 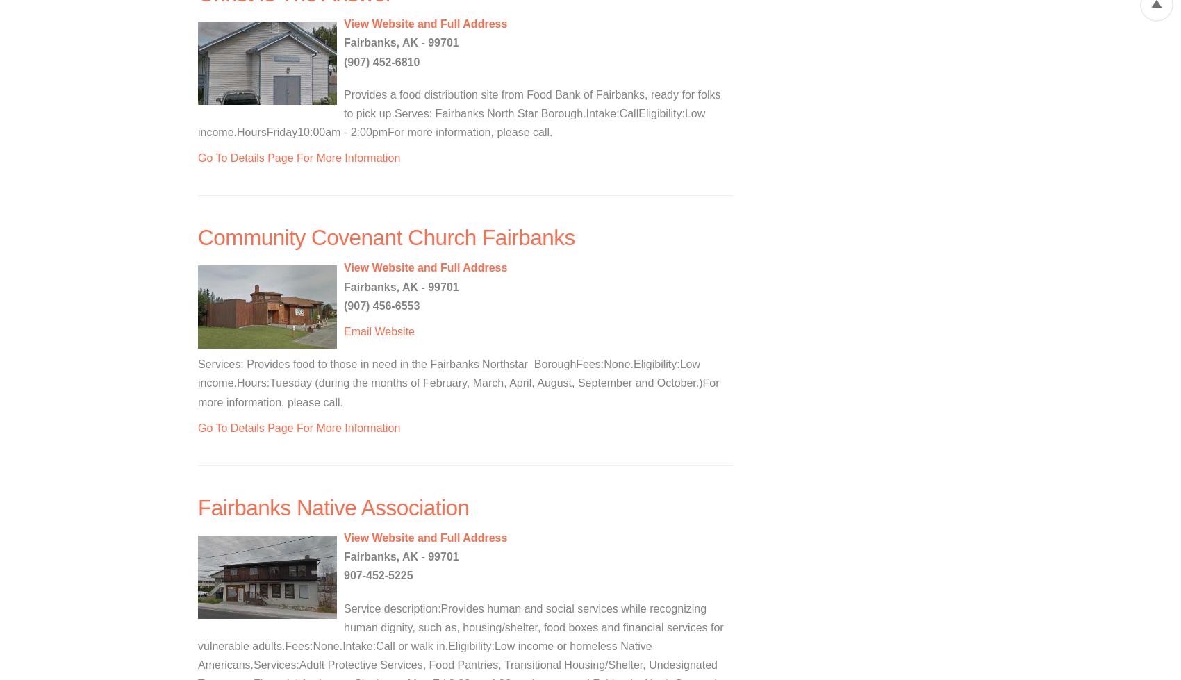 What do you see at coordinates (381, 305) in the screenshot?
I see `'(907) 456-6553'` at bounding box center [381, 305].